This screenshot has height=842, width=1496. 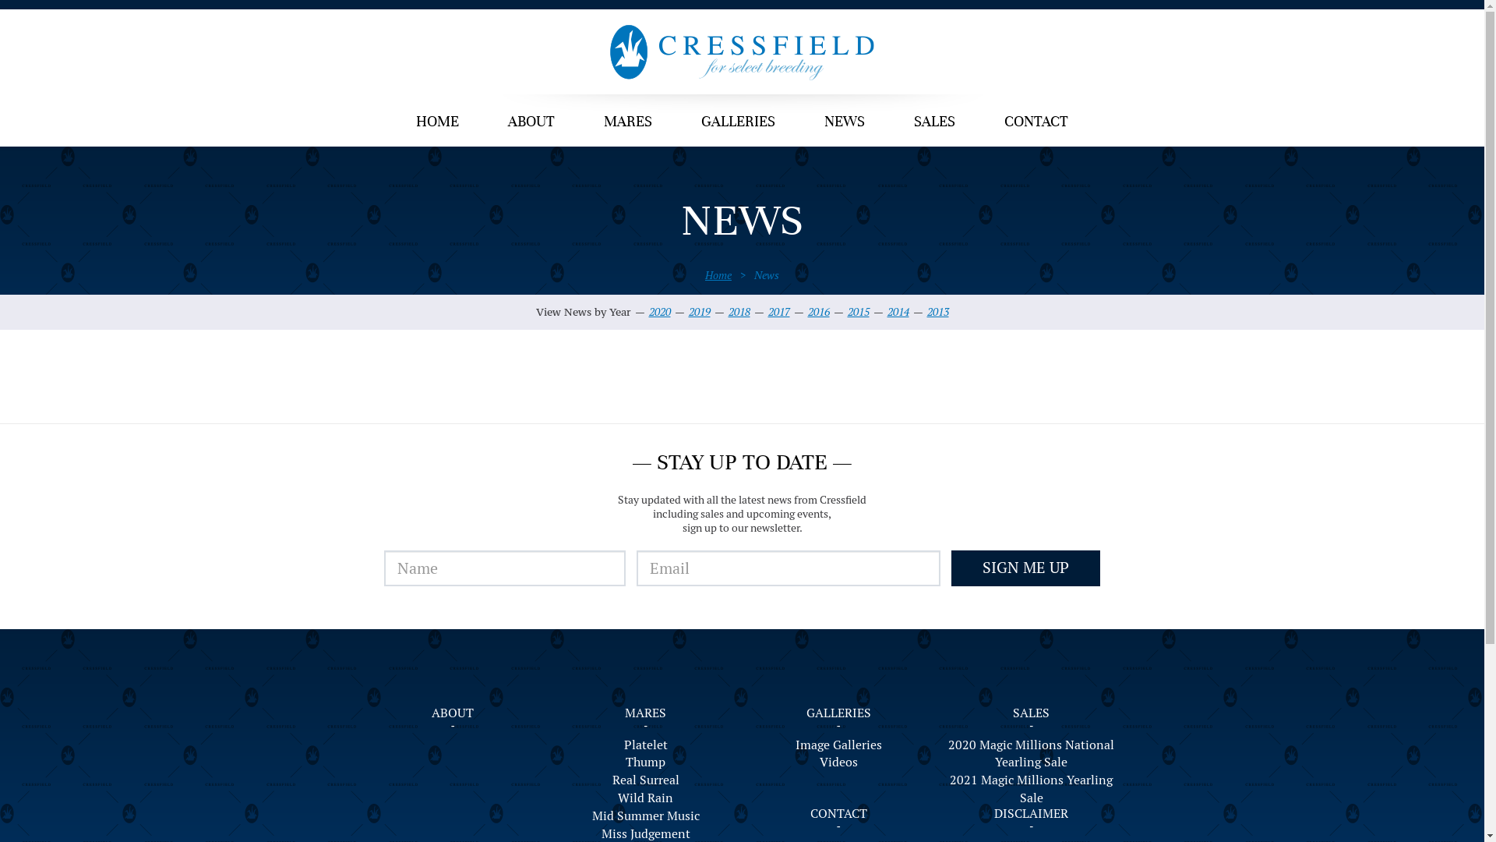 I want to click on 'MARES', so click(x=645, y=713).